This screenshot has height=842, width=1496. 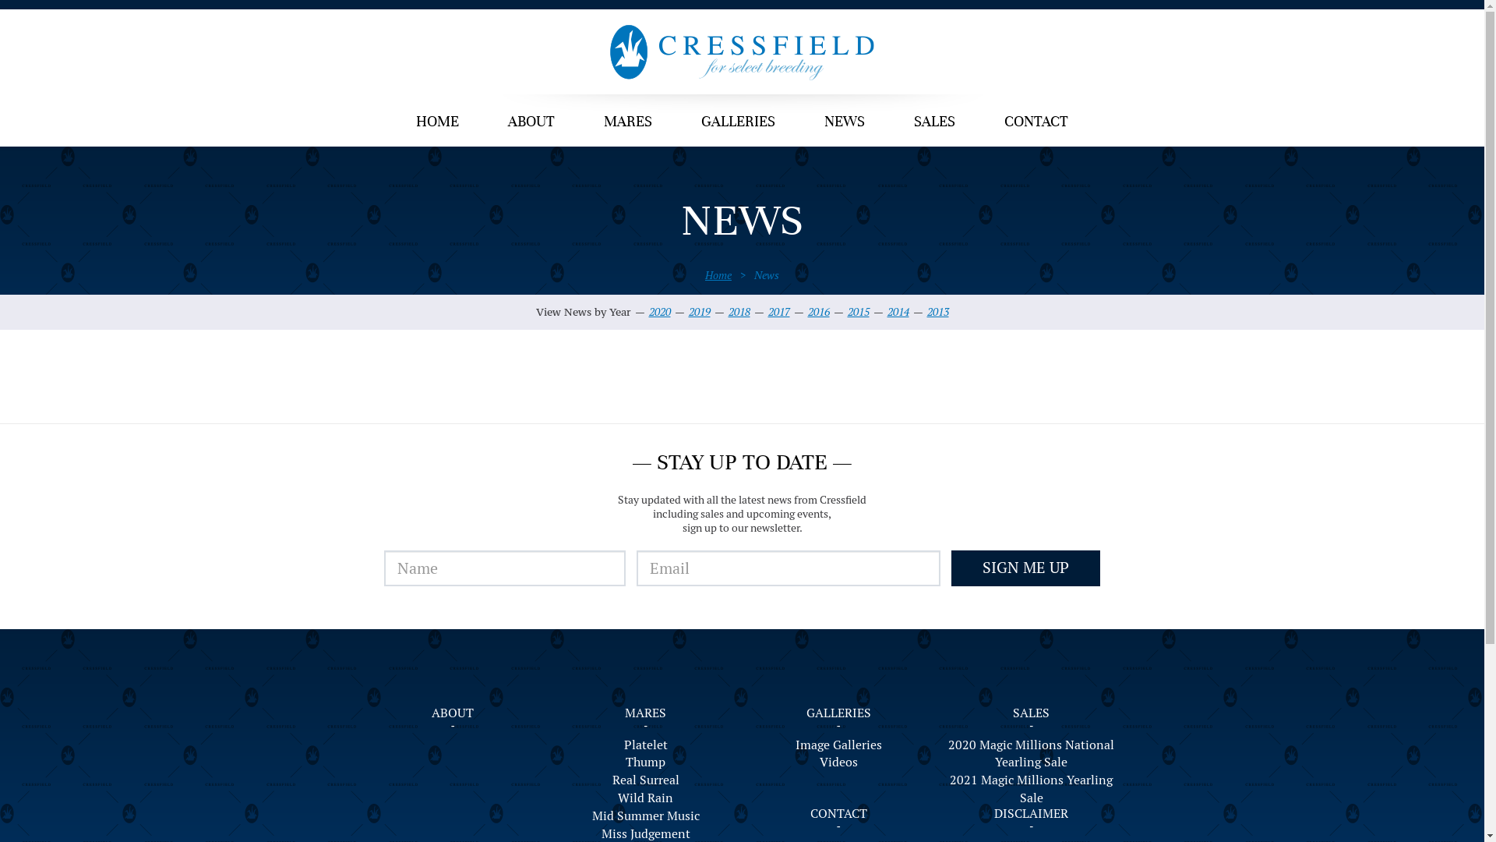 I want to click on 'MARES', so click(x=645, y=713).